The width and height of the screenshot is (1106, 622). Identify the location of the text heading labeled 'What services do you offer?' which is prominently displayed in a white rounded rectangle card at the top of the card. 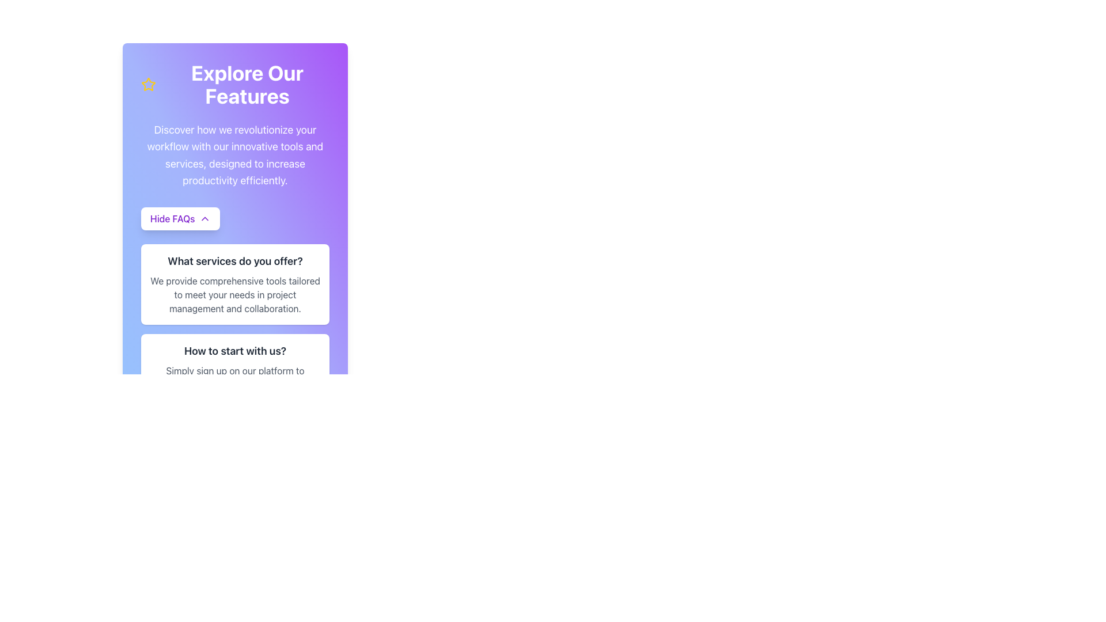
(234, 261).